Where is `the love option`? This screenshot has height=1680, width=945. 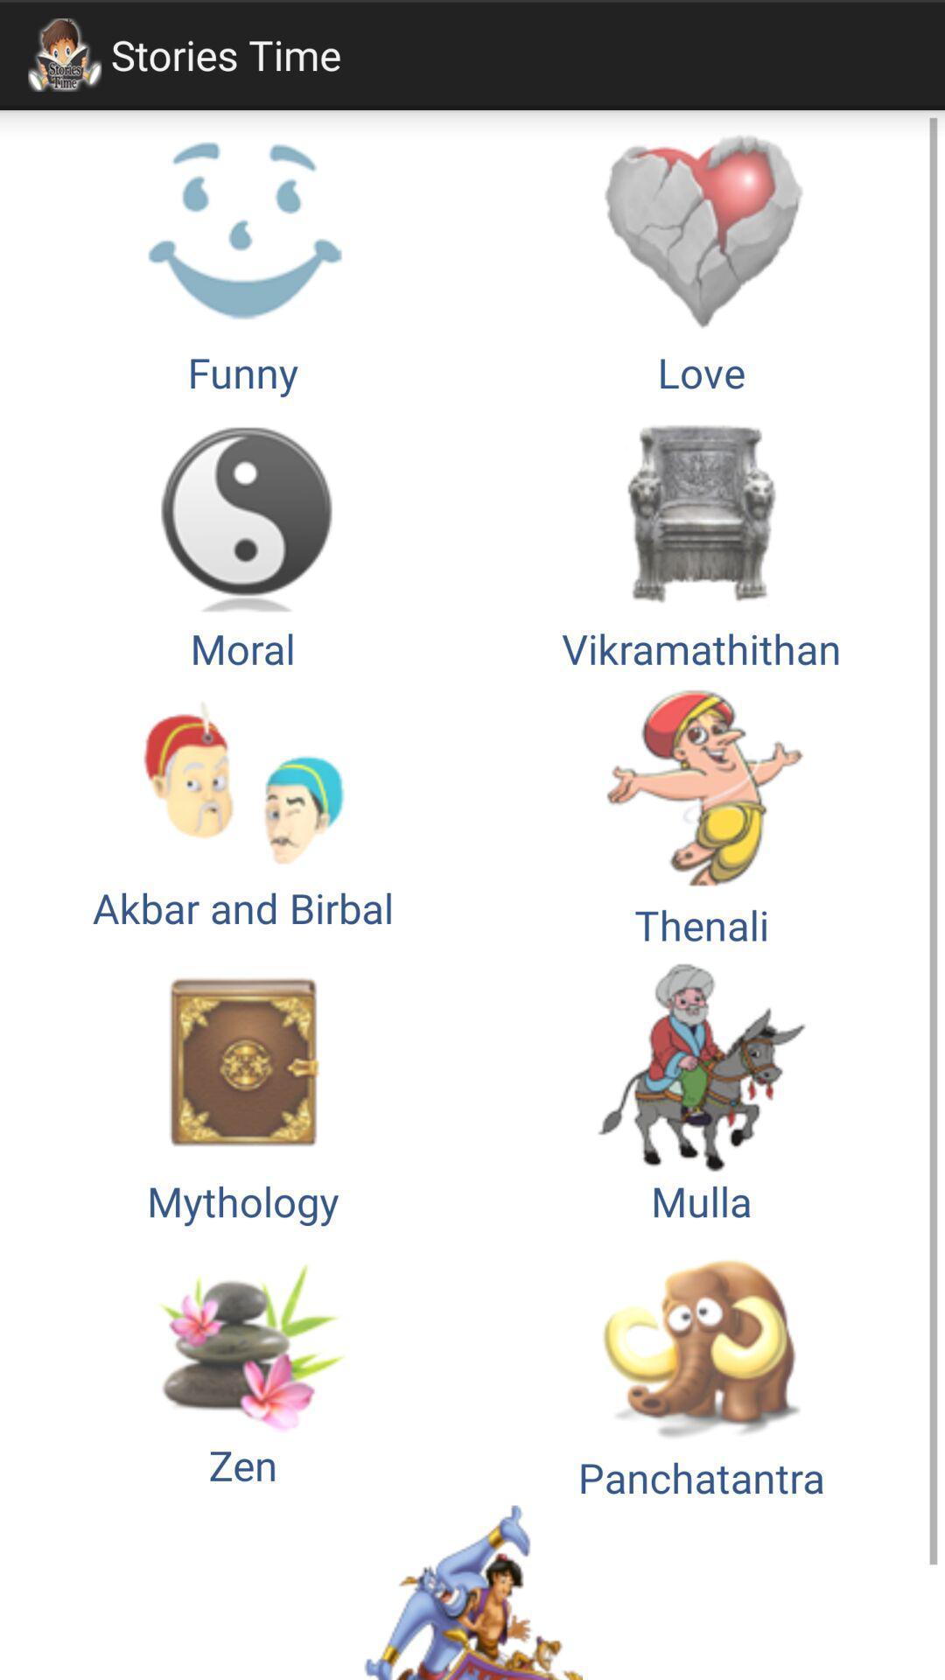 the love option is located at coordinates (701, 261).